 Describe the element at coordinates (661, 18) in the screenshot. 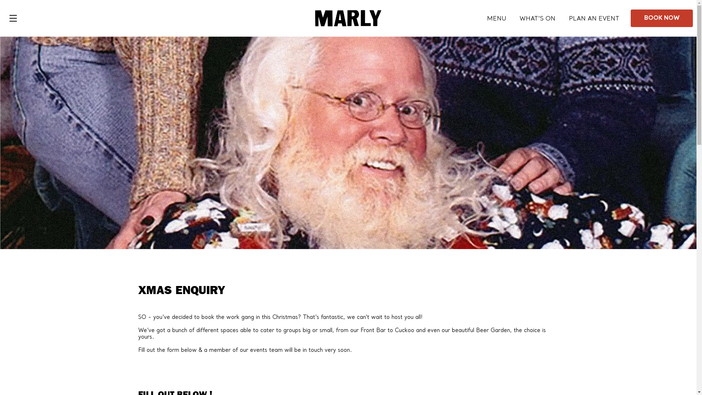

I see `'BOOK NOW'` at that location.